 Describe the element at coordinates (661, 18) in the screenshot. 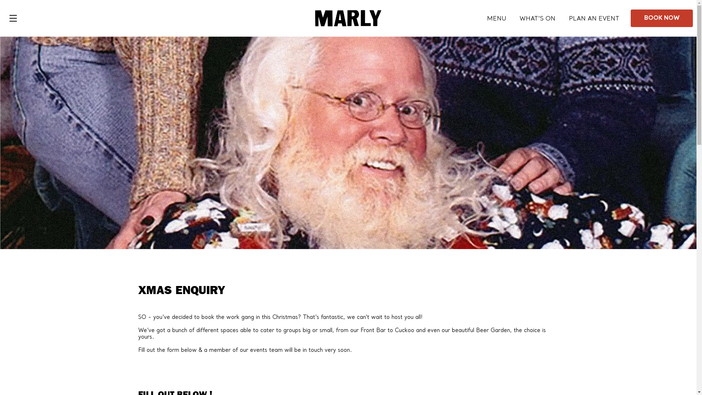

I see `'BOOK NOW'` at that location.